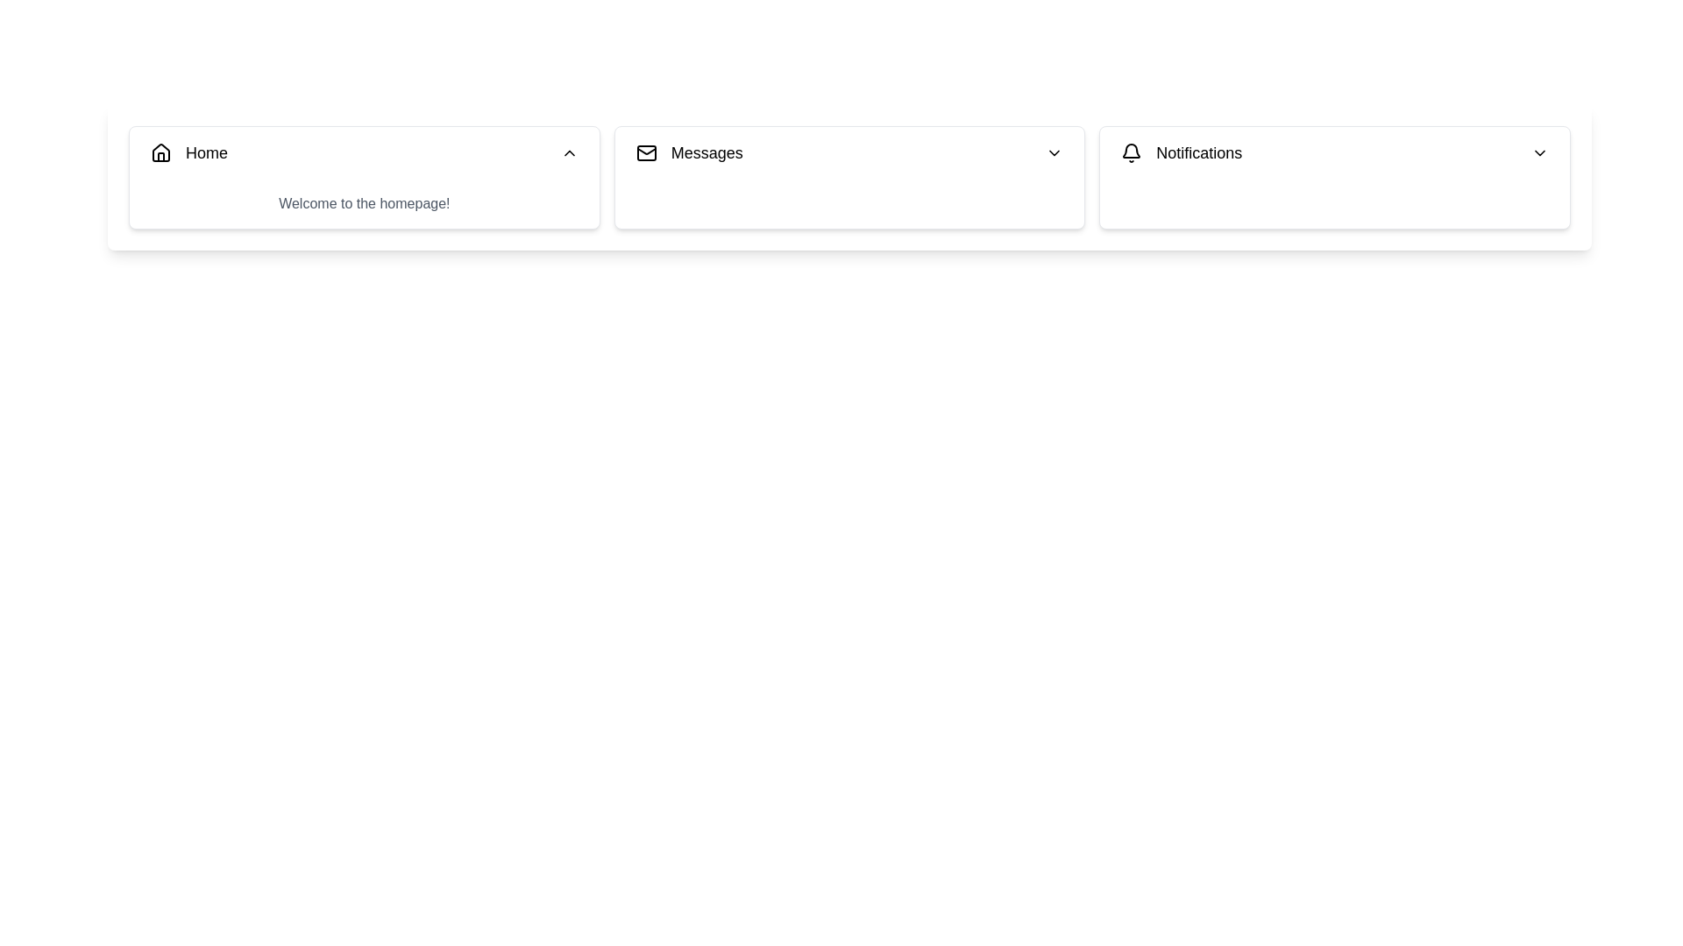 This screenshot has height=946, width=1683. What do you see at coordinates (645, 152) in the screenshot?
I see `the mail icon, which is a line drawing of an envelope located to the left of the 'Messages' text in the middle tab of the navigation layout` at bounding box center [645, 152].